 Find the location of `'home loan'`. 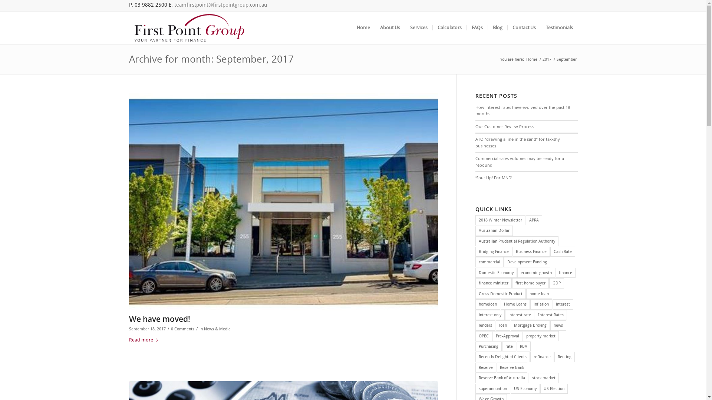

'home loan' is located at coordinates (526, 293).